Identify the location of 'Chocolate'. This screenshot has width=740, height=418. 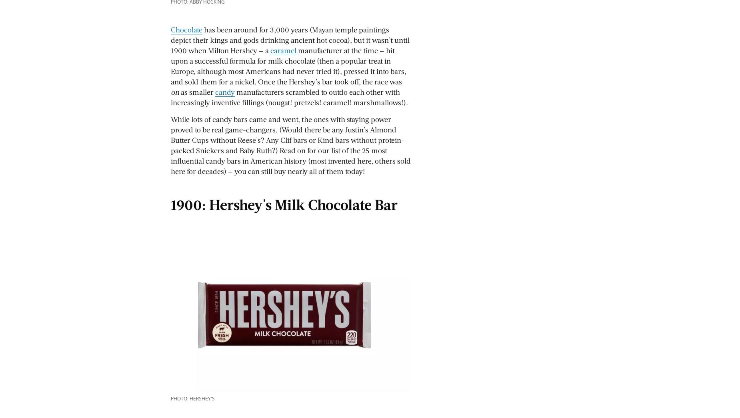
(186, 29).